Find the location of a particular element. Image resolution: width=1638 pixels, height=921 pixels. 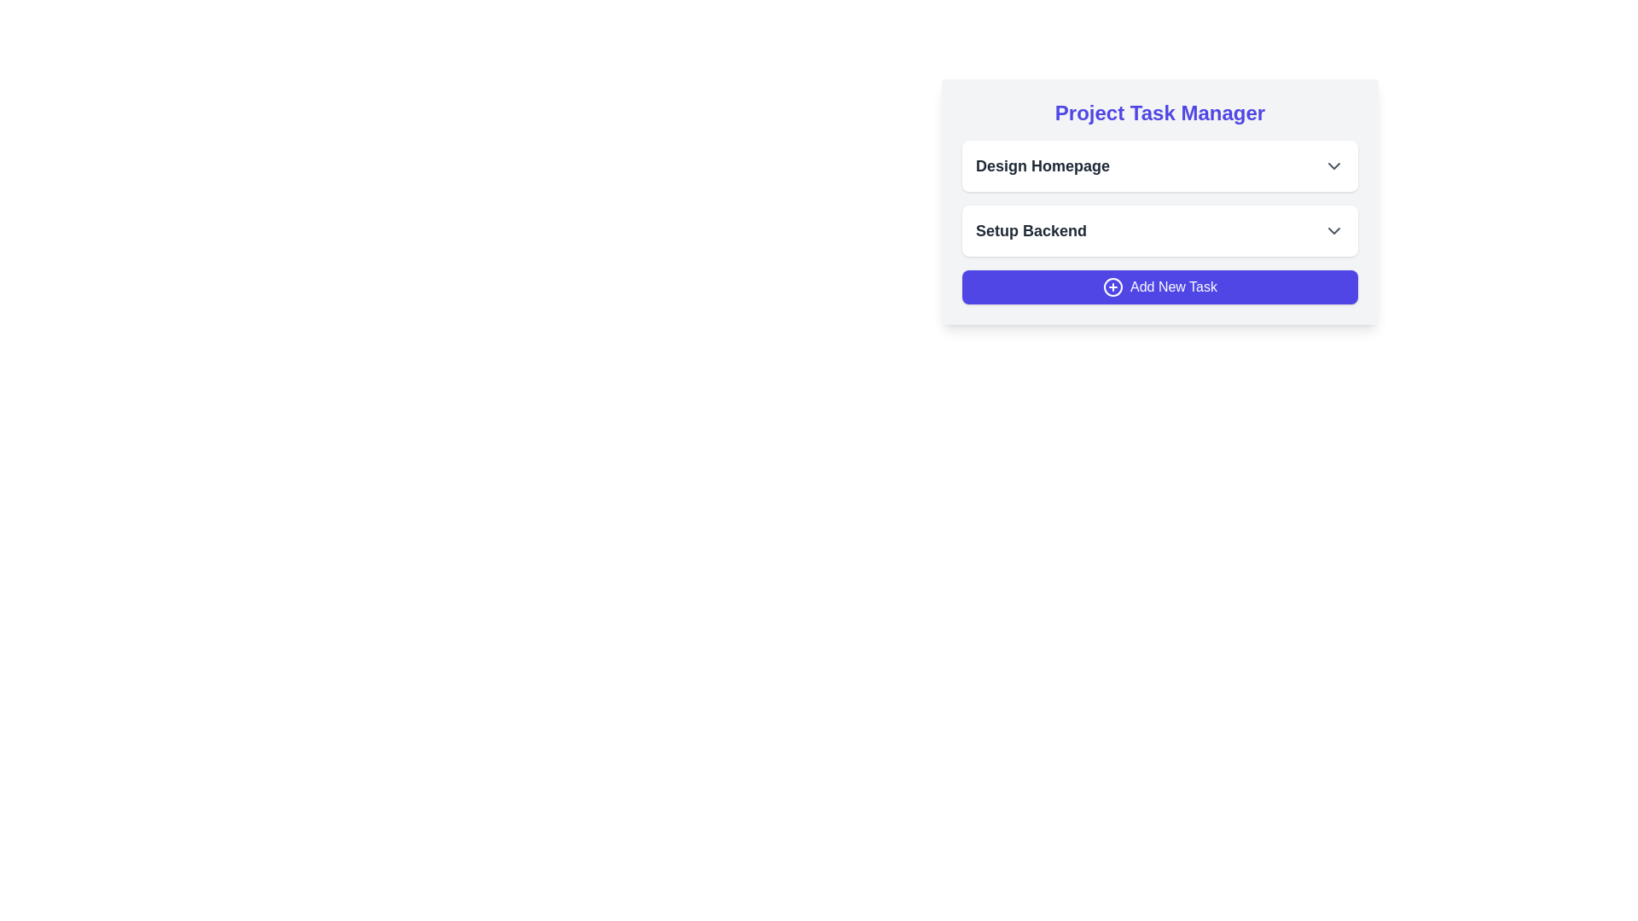

the circular part of the SVG icon inside the 'Add New Task' button located at the bottom right of the task list panel is located at coordinates (1113, 286).